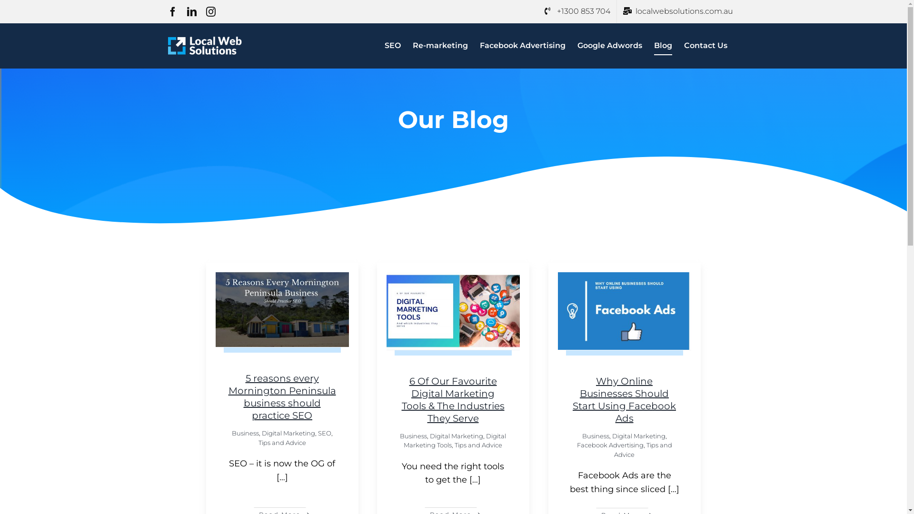  What do you see at coordinates (609, 46) in the screenshot?
I see `'Google Adwords'` at bounding box center [609, 46].